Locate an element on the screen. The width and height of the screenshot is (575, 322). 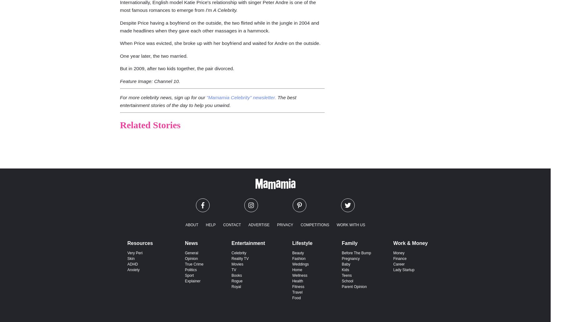
'True Crime' is located at coordinates (194, 264).